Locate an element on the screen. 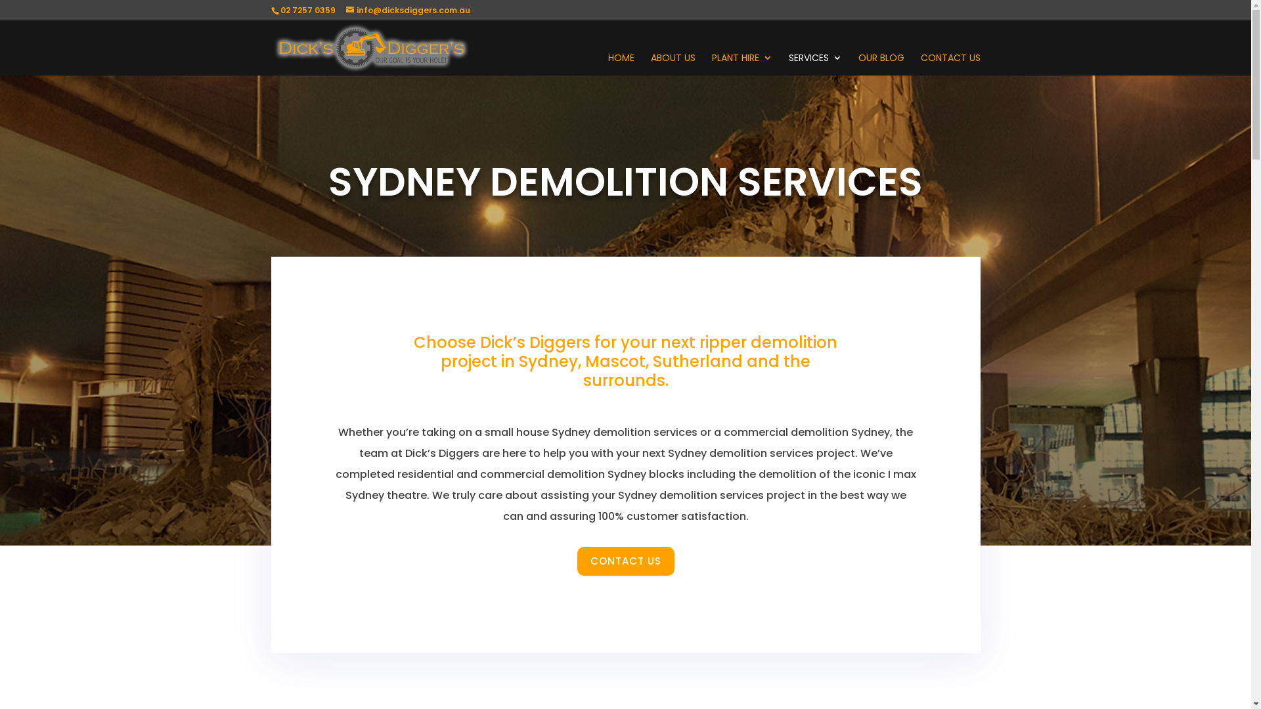 The height and width of the screenshot is (709, 1261). 'CONTACT US' is located at coordinates (624, 561).